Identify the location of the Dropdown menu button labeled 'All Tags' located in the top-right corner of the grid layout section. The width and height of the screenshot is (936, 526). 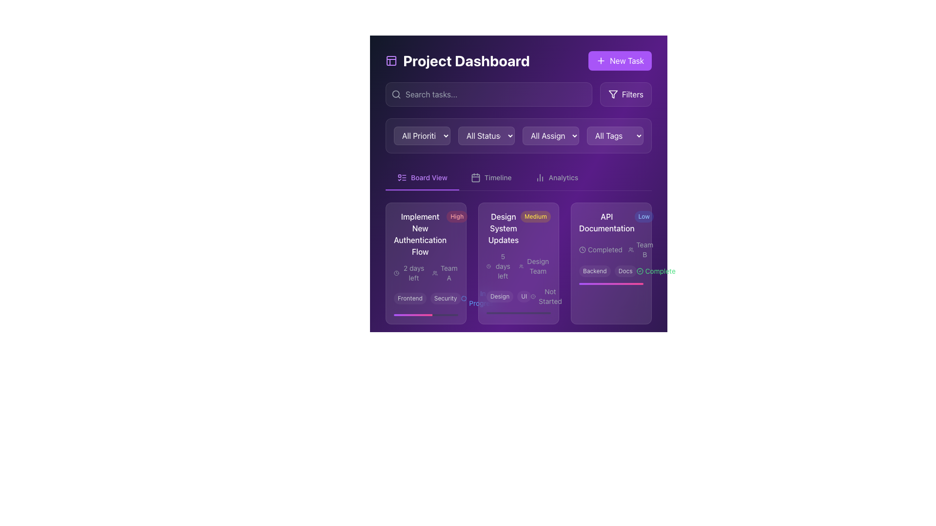
(615, 135).